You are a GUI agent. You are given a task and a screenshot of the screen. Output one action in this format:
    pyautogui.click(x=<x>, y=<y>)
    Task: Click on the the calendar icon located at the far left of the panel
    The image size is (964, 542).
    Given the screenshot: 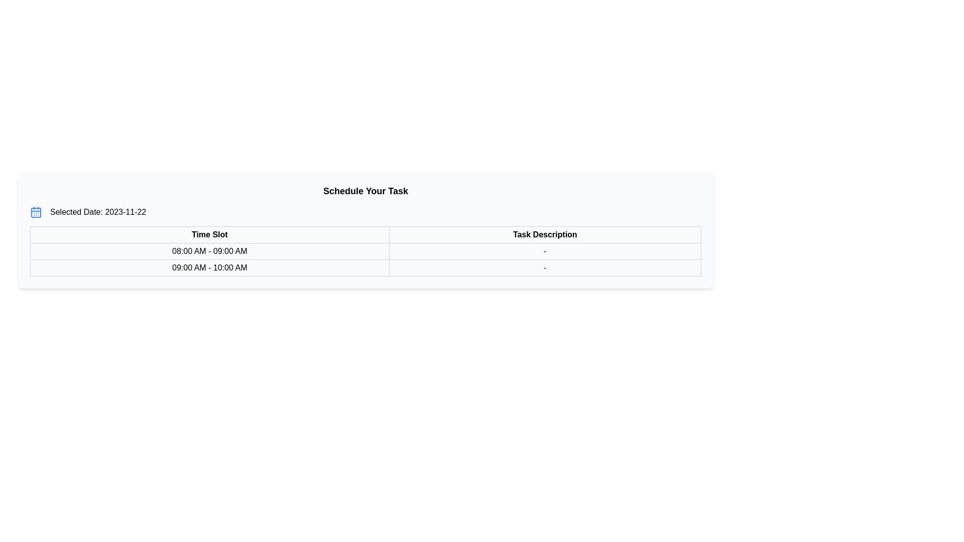 What is the action you would take?
    pyautogui.click(x=36, y=212)
    